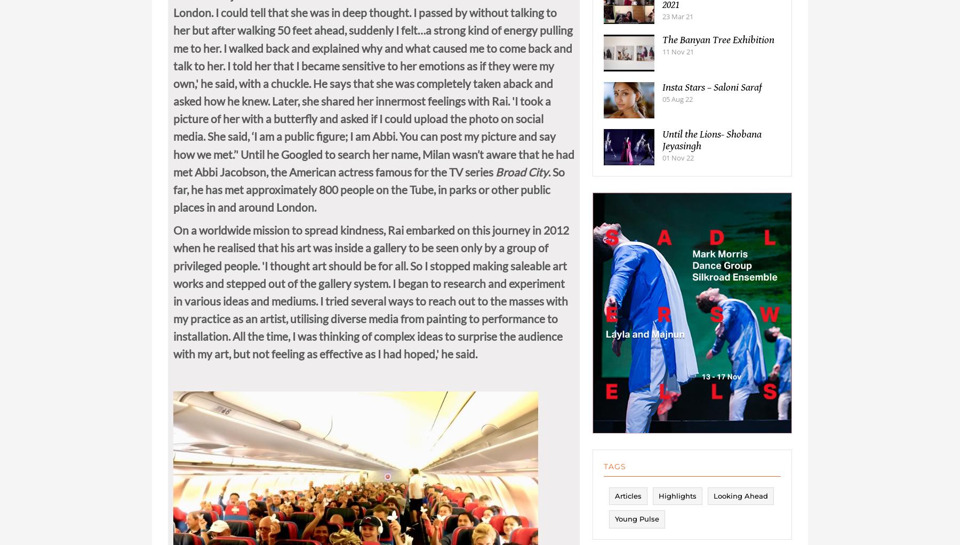 The image size is (960, 545). What do you see at coordinates (368, 198) in the screenshot?
I see `'. So far, he has met approximately 800 people on the Tube, in parks or other public places in and around London.'` at bounding box center [368, 198].